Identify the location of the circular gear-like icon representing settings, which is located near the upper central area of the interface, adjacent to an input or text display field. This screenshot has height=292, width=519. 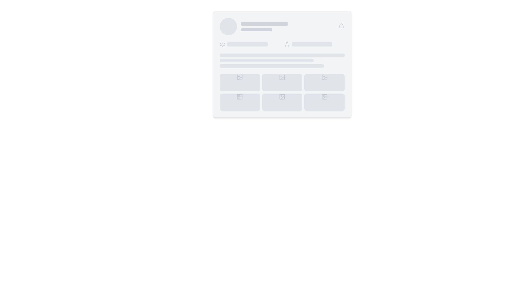
(222, 44).